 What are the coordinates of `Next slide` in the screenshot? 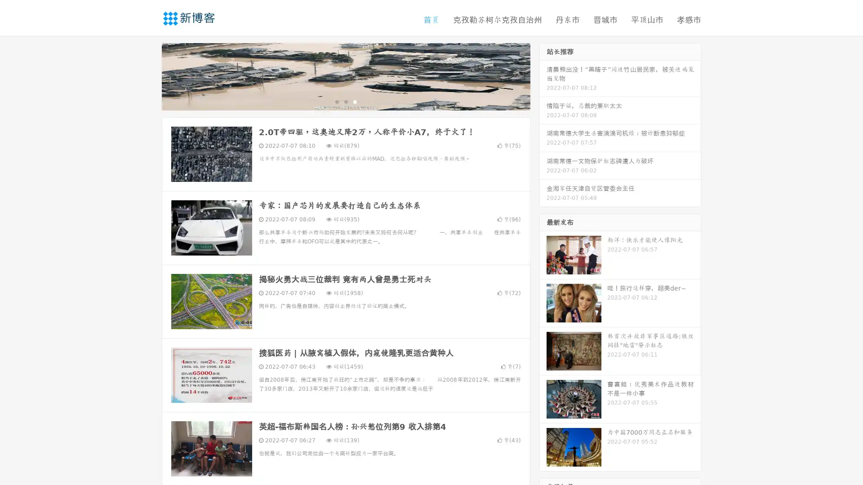 It's located at (543, 75).